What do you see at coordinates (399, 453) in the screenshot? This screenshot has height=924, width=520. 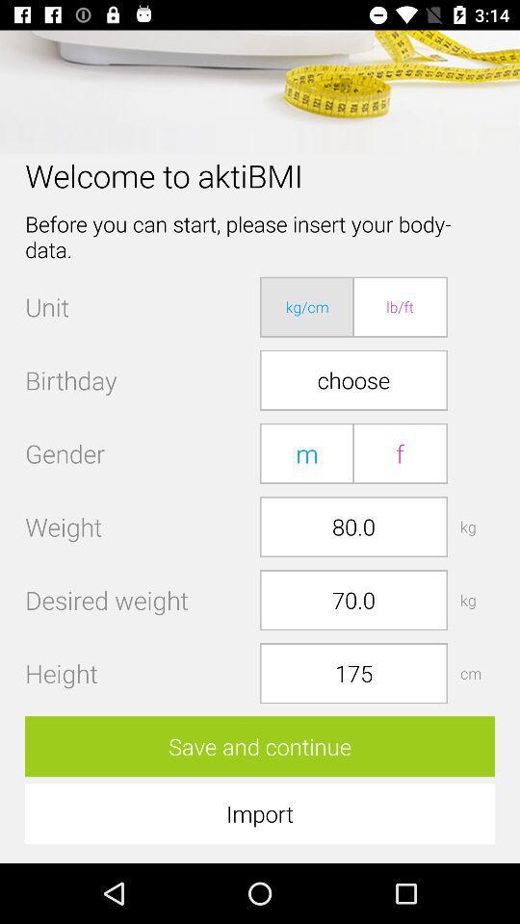 I see `button above the 80.0 button` at bounding box center [399, 453].